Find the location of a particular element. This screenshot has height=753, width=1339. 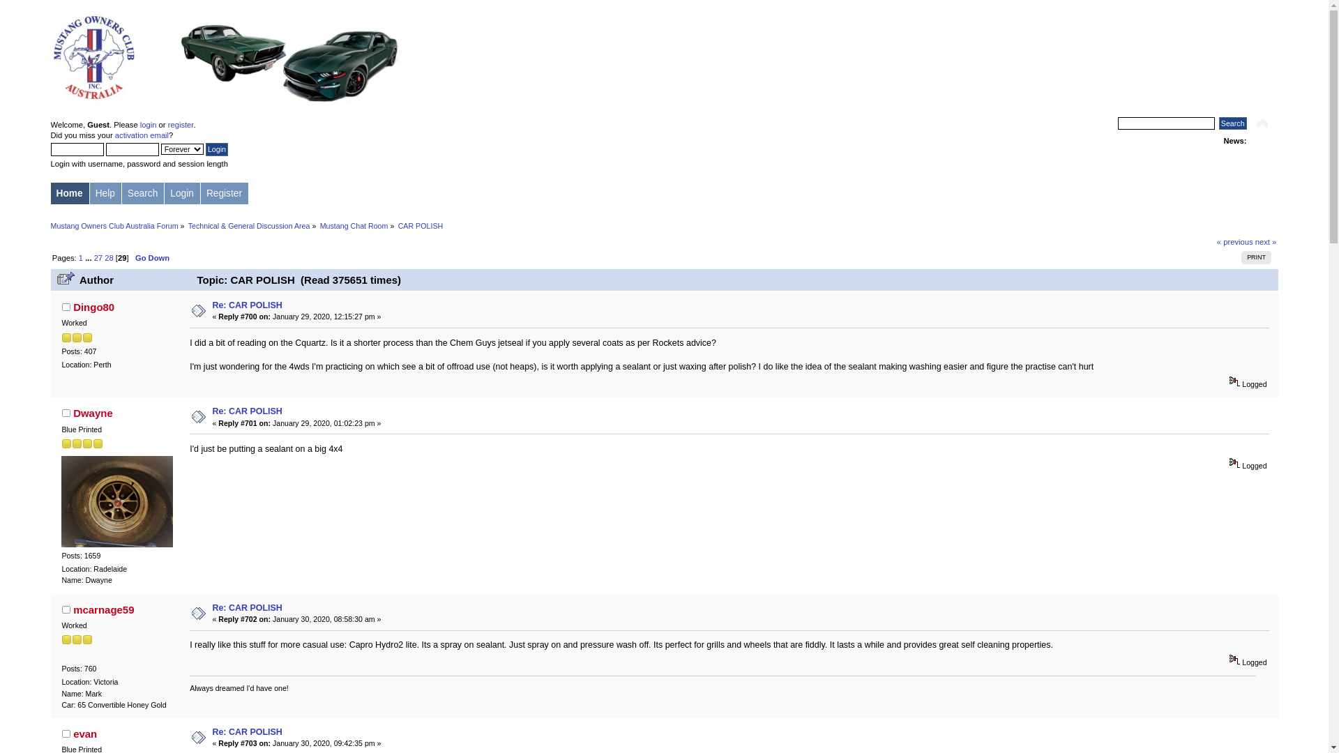

'Home' is located at coordinates (69, 193).